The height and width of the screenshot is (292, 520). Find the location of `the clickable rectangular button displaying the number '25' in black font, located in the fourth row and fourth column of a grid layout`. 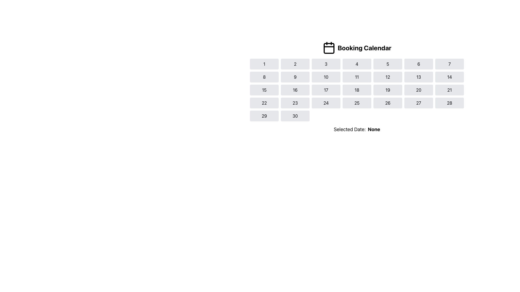

the clickable rectangular button displaying the number '25' in black font, located in the fourth row and fourth column of a grid layout is located at coordinates (357, 103).